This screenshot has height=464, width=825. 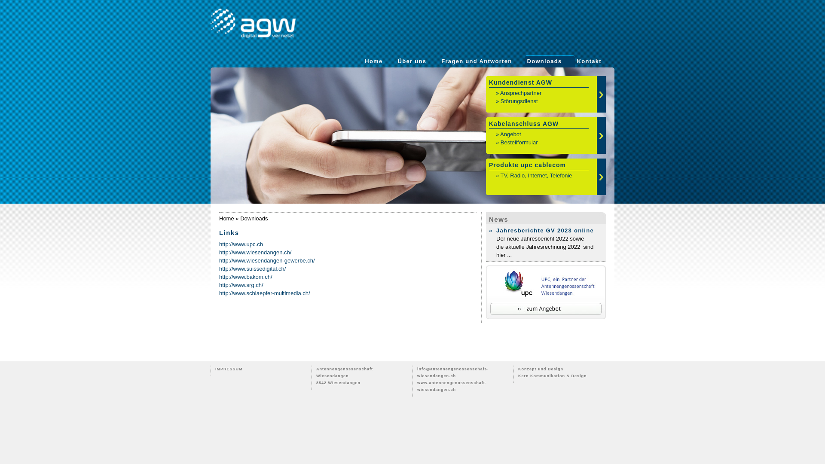 I want to click on 'http://www.wiesendangen.ch/', so click(x=255, y=252).